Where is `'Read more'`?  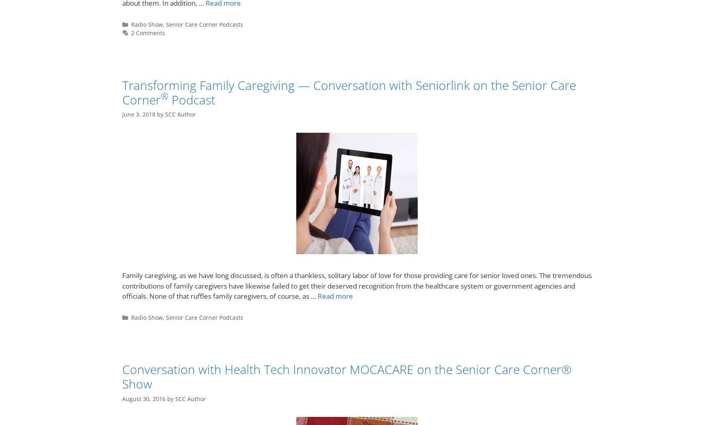
'Read more' is located at coordinates (317, 295).